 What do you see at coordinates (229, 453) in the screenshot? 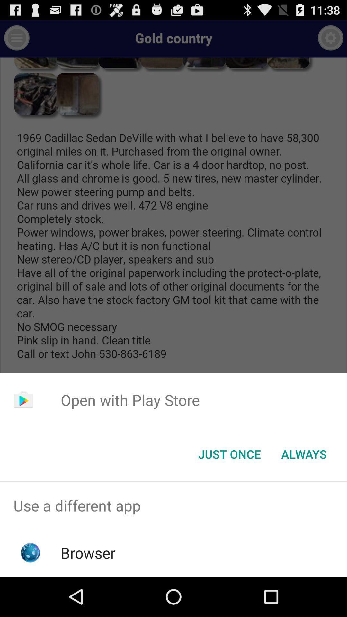
I see `app below open with play item` at bounding box center [229, 453].